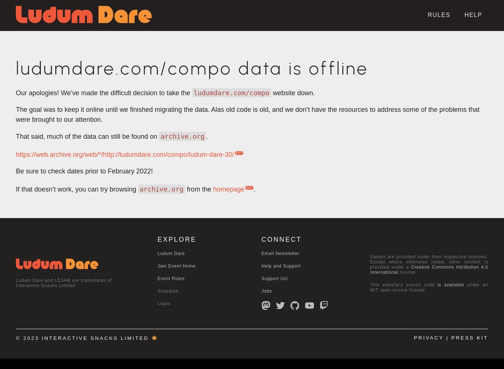 The image size is (504, 369). What do you see at coordinates (429, 287) in the screenshot?
I see `'under an MIT open source license'` at bounding box center [429, 287].